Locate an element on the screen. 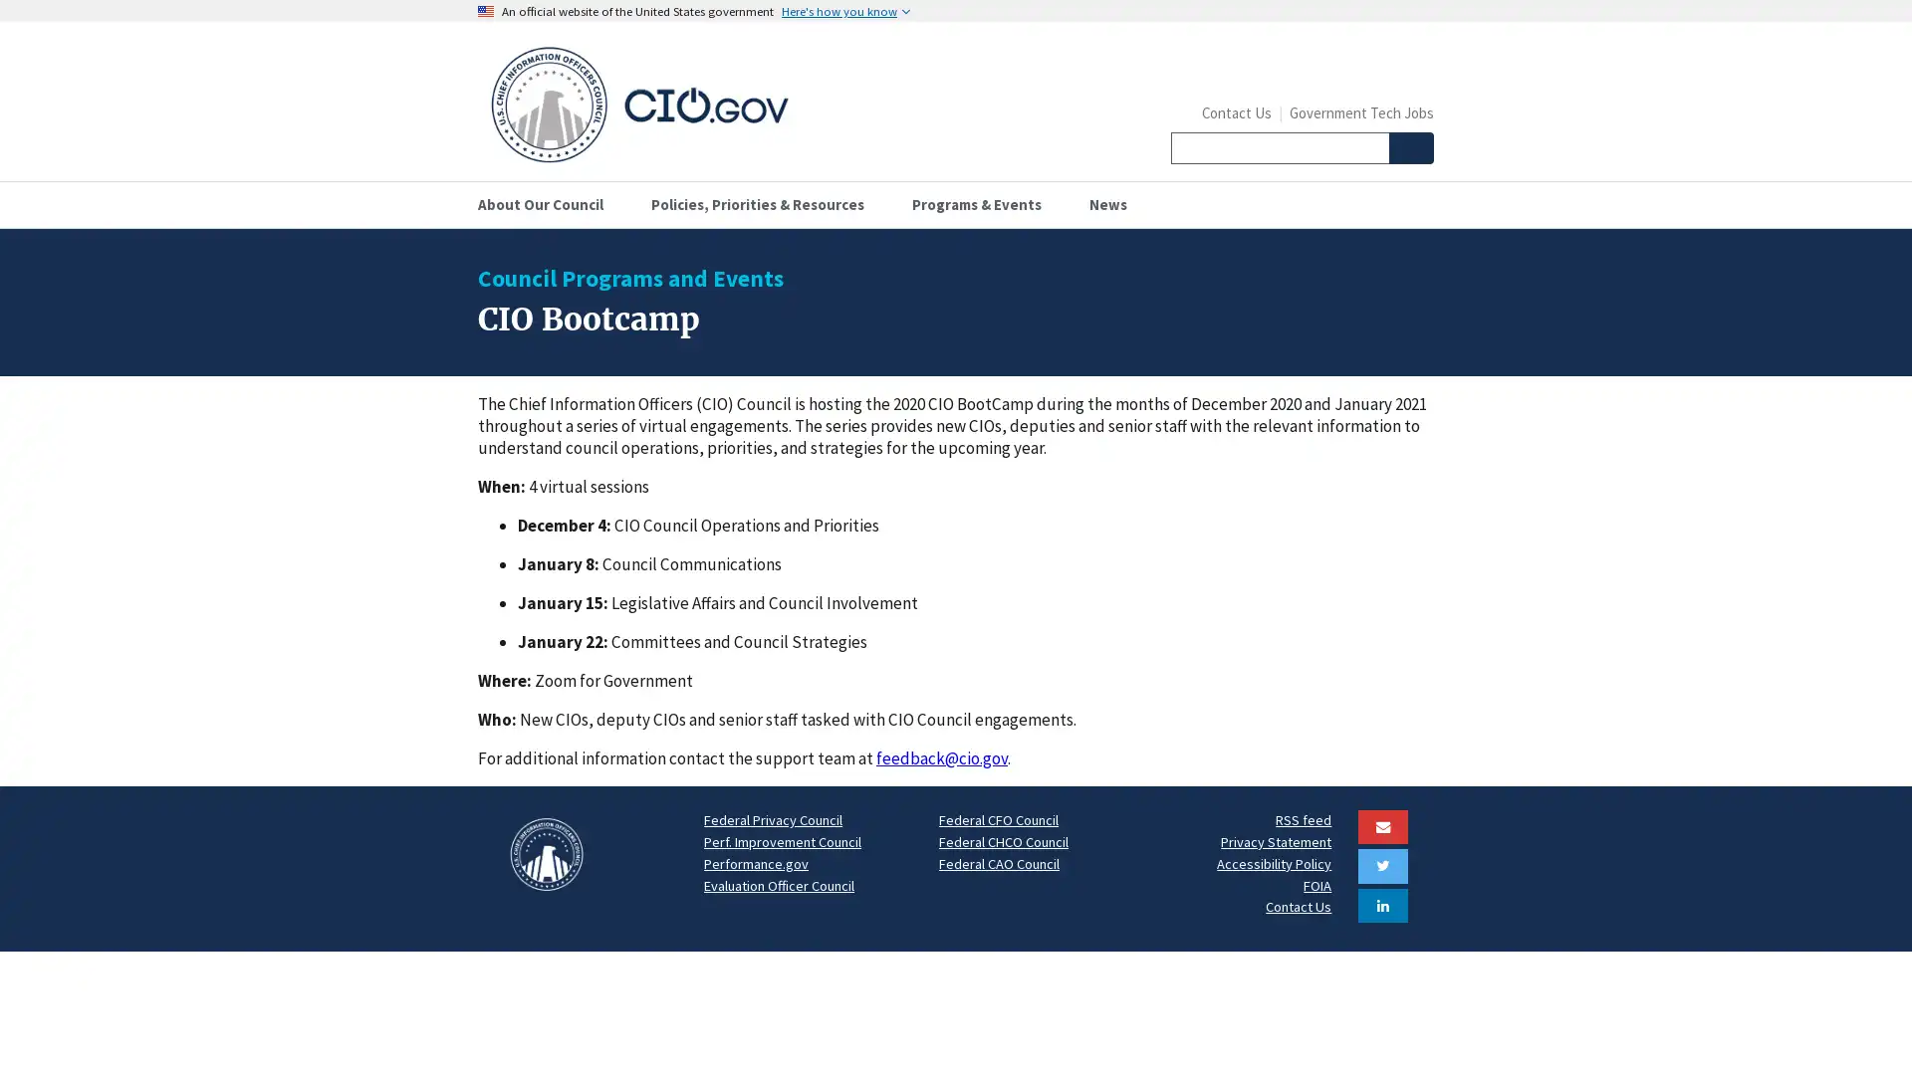 The height and width of the screenshot is (1075, 1912). Search is located at coordinates (1409, 147).